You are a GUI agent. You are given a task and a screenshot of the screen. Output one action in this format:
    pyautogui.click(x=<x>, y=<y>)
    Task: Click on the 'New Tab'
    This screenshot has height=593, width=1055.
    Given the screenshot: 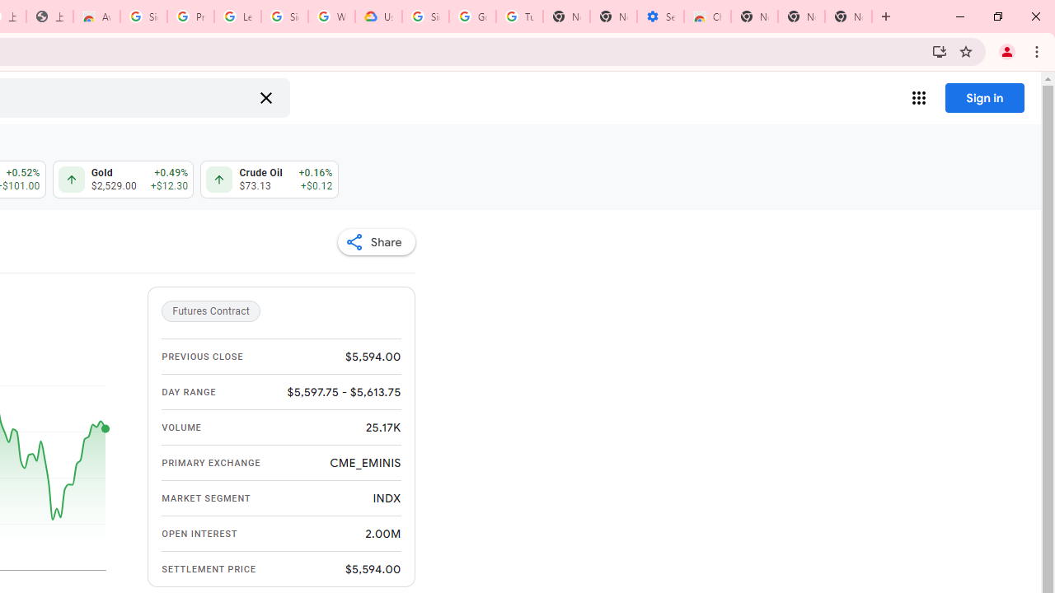 What is the action you would take?
    pyautogui.click(x=848, y=16)
    